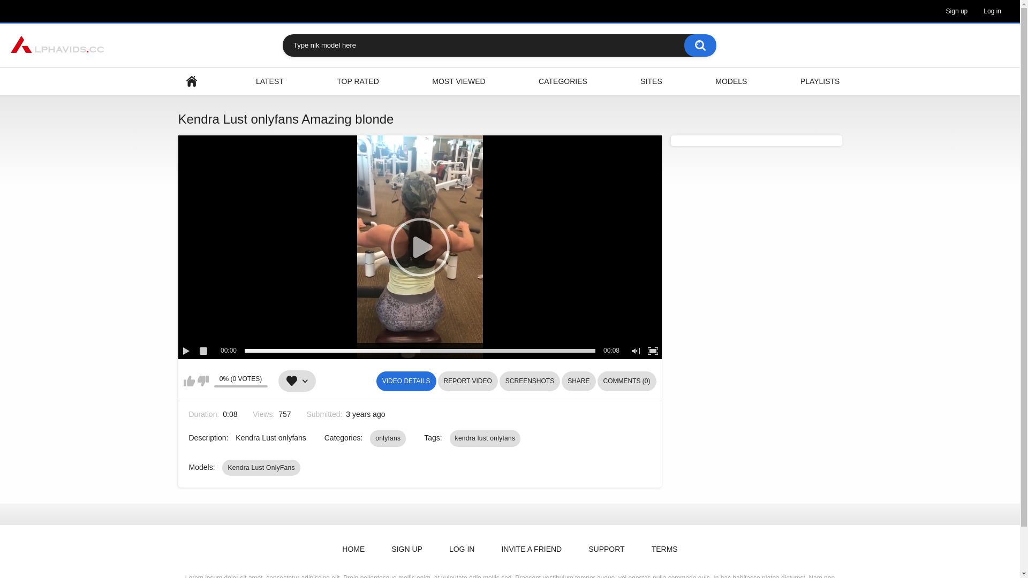  What do you see at coordinates (439, 549) in the screenshot?
I see `'LOG IN'` at bounding box center [439, 549].